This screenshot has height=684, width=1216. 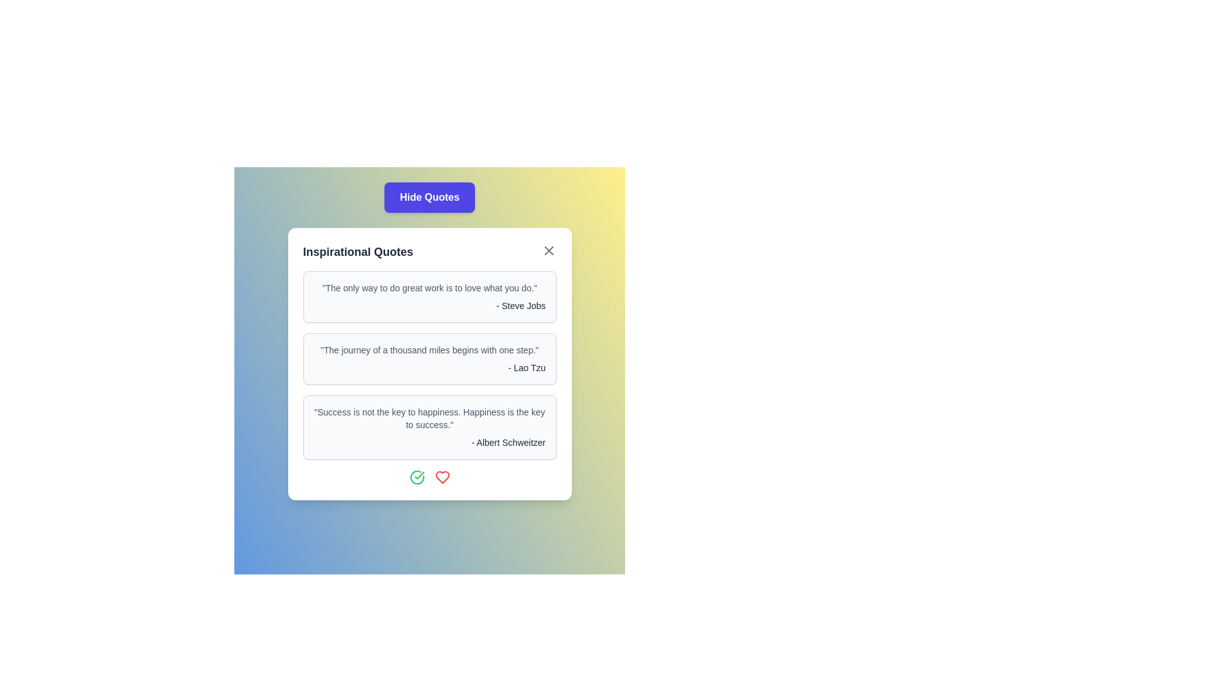 I want to click on the main content text of the motivational quote block, which is centrally aligned and positioned above the attribution '- Steve Jobs', so click(x=429, y=288).